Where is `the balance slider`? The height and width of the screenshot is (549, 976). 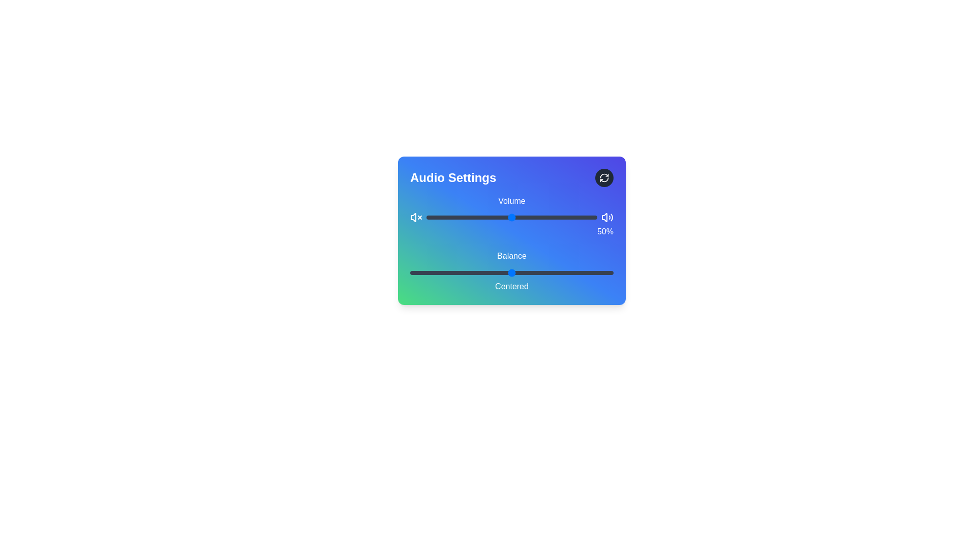
the balance slider is located at coordinates (498, 272).